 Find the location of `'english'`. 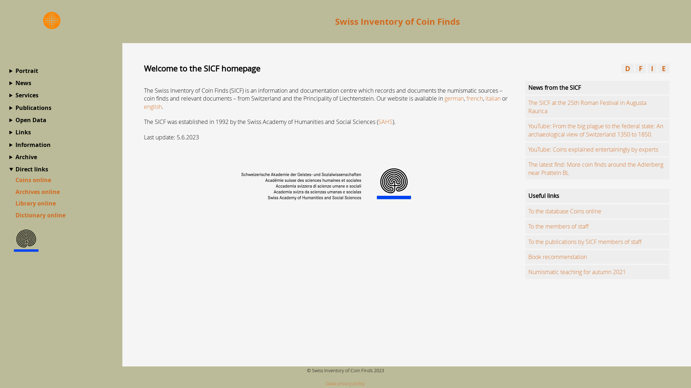

'english' is located at coordinates (153, 107).